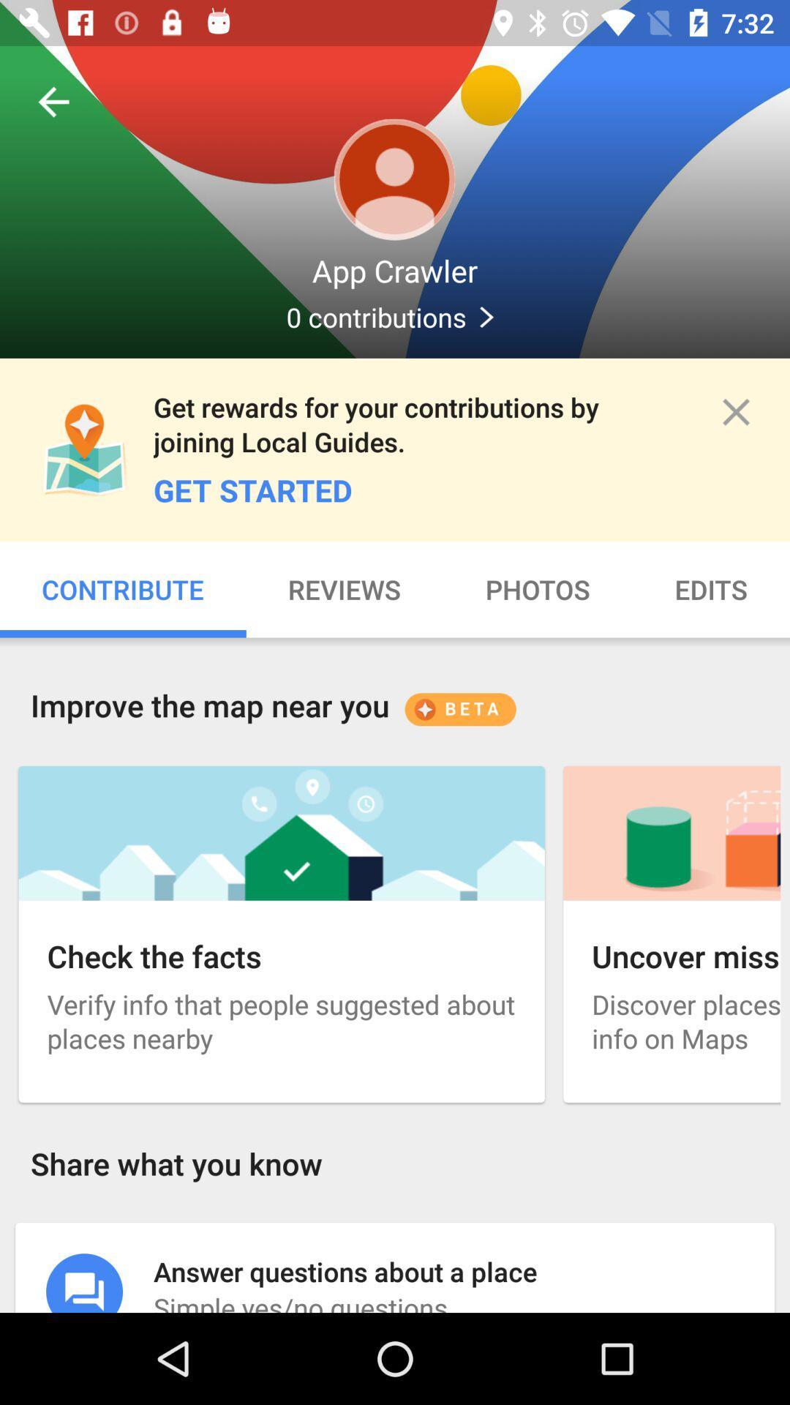 This screenshot has height=1405, width=790. What do you see at coordinates (345, 589) in the screenshot?
I see `item to the left of photos` at bounding box center [345, 589].